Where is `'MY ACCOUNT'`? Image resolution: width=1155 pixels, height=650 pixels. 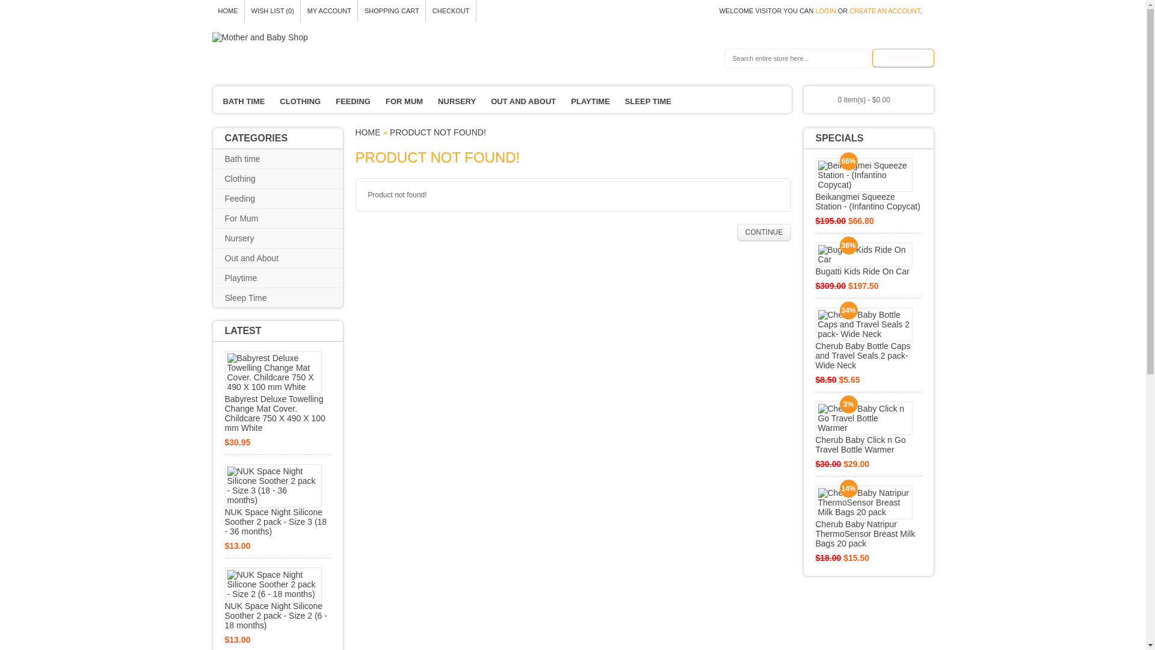
'MY ACCOUNT' is located at coordinates (329, 11).